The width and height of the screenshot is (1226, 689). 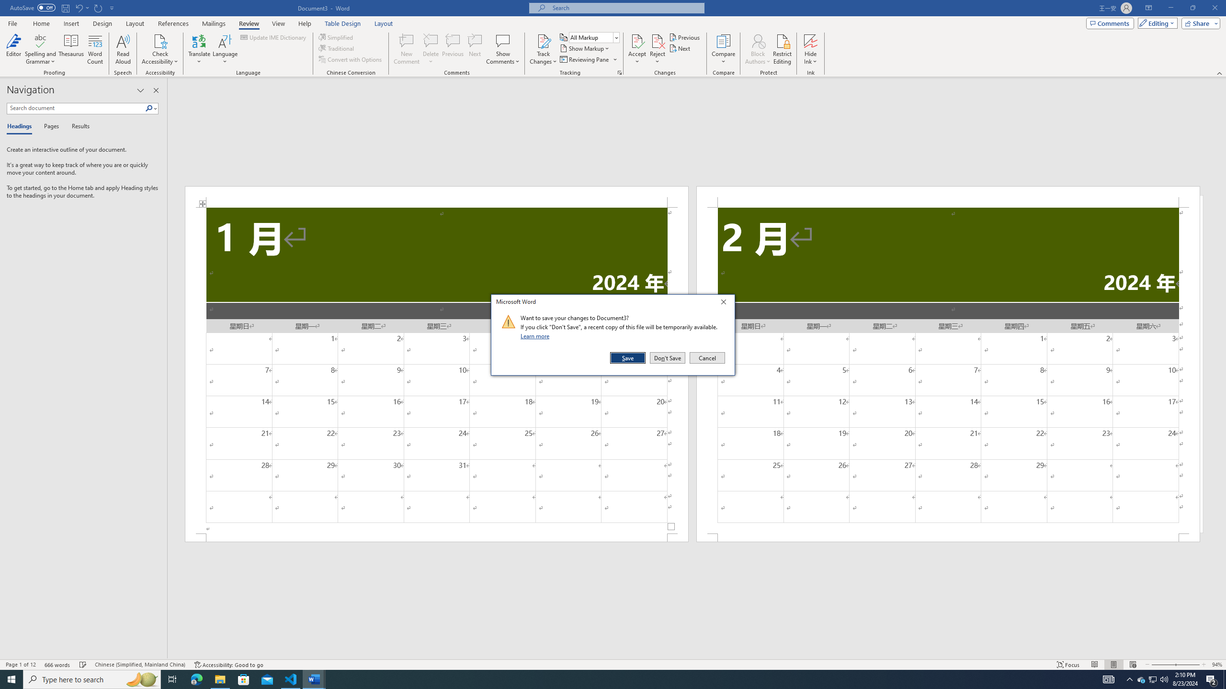 What do you see at coordinates (593, 37) in the screenshot?
I see `'Display for Review'` at bounding box center [593, 37].